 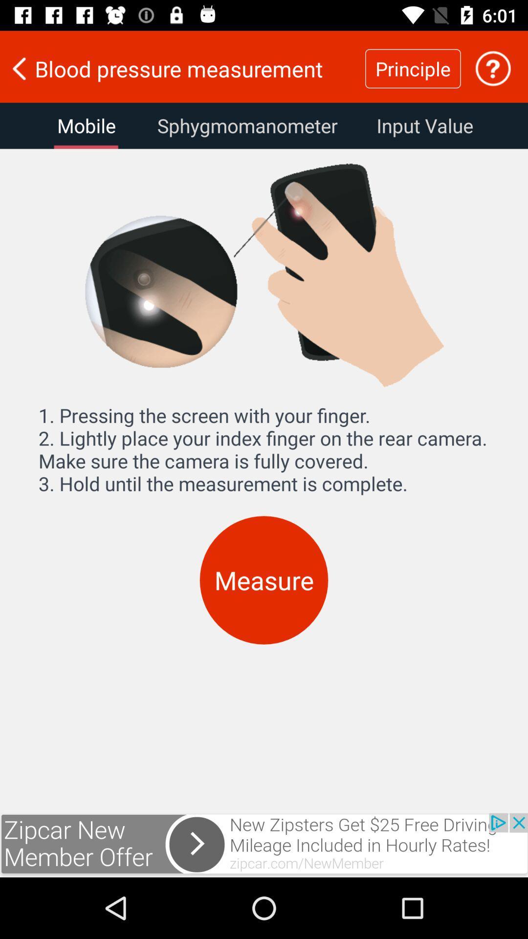 I want to click on to see zipcar new member offer, so click(x=264, y=845).